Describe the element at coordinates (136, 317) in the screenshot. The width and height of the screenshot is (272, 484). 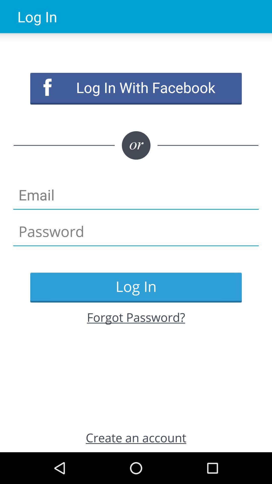
I see `the forgot password? item` at that location.